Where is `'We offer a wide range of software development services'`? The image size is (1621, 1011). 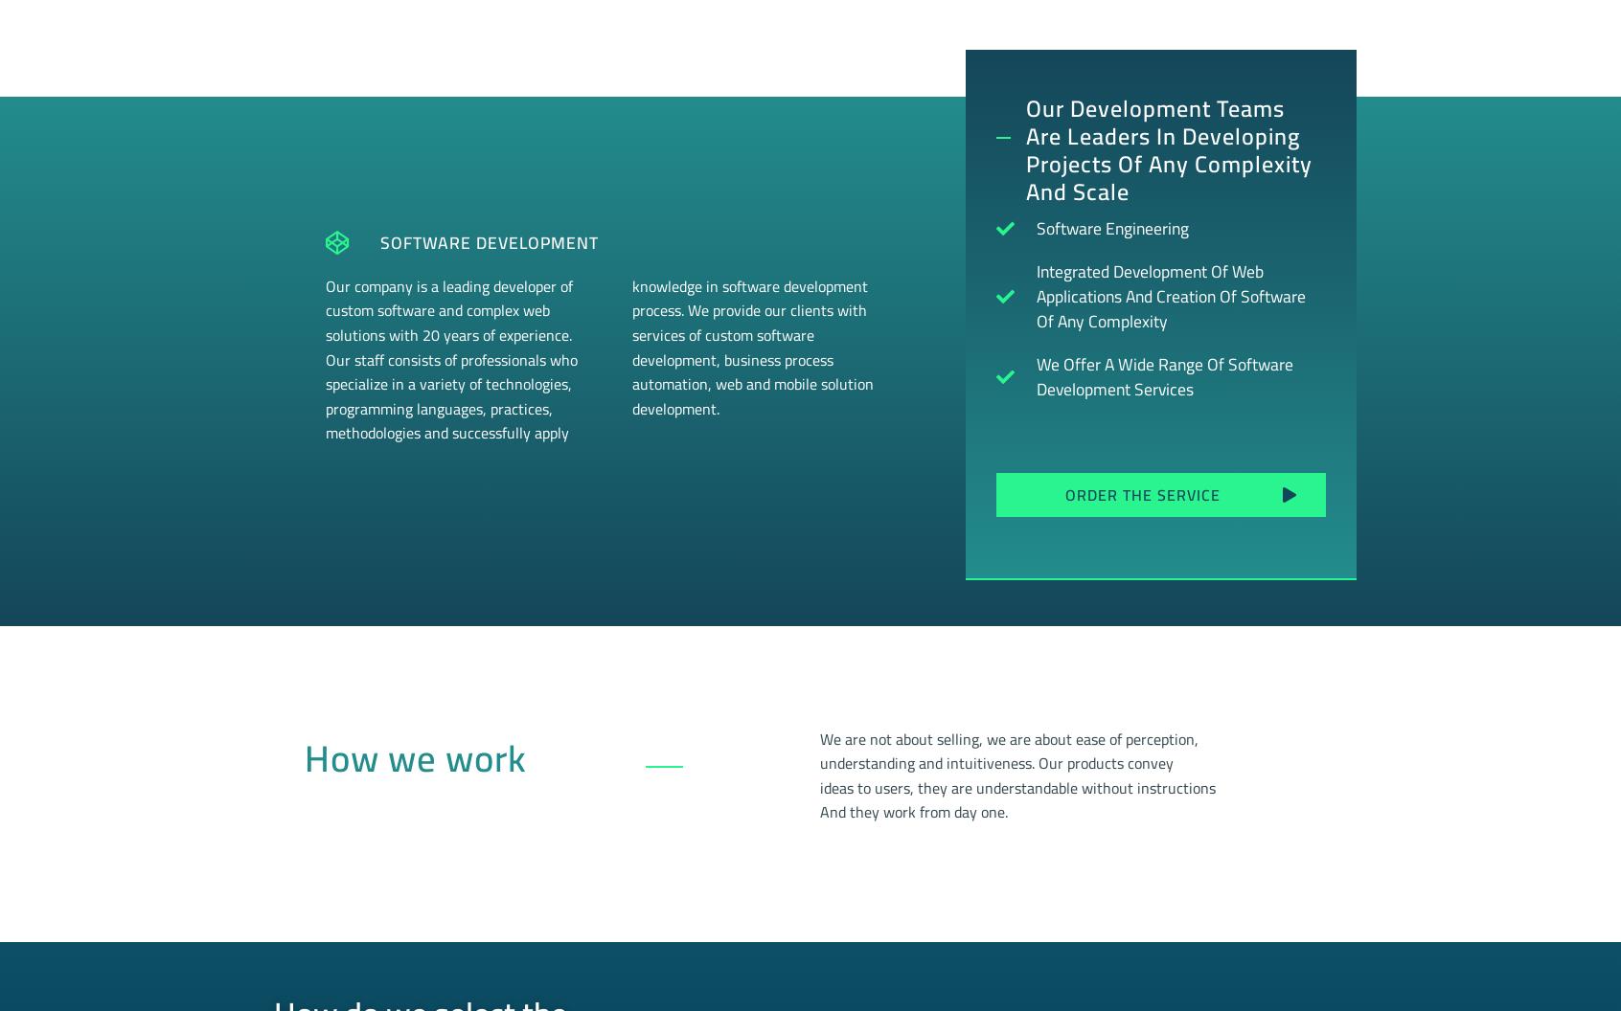
'We offer a wide range of software development services' is located at coordinates (1164, 374).